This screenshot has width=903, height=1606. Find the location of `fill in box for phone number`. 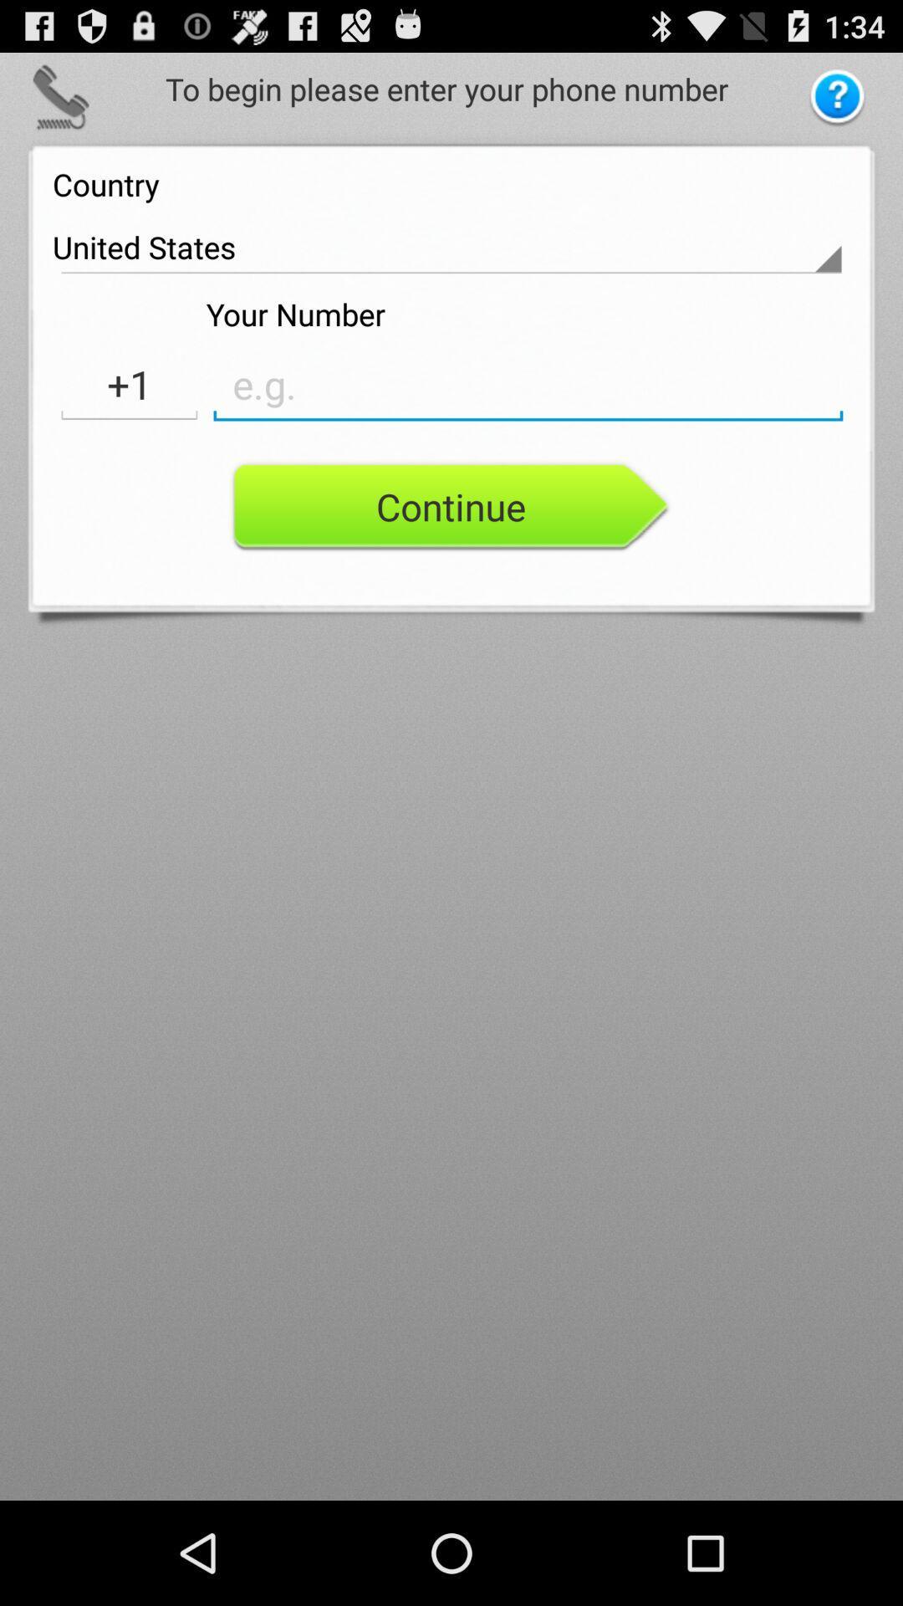

fill in box for phone number is located at coordinates (528, 384).